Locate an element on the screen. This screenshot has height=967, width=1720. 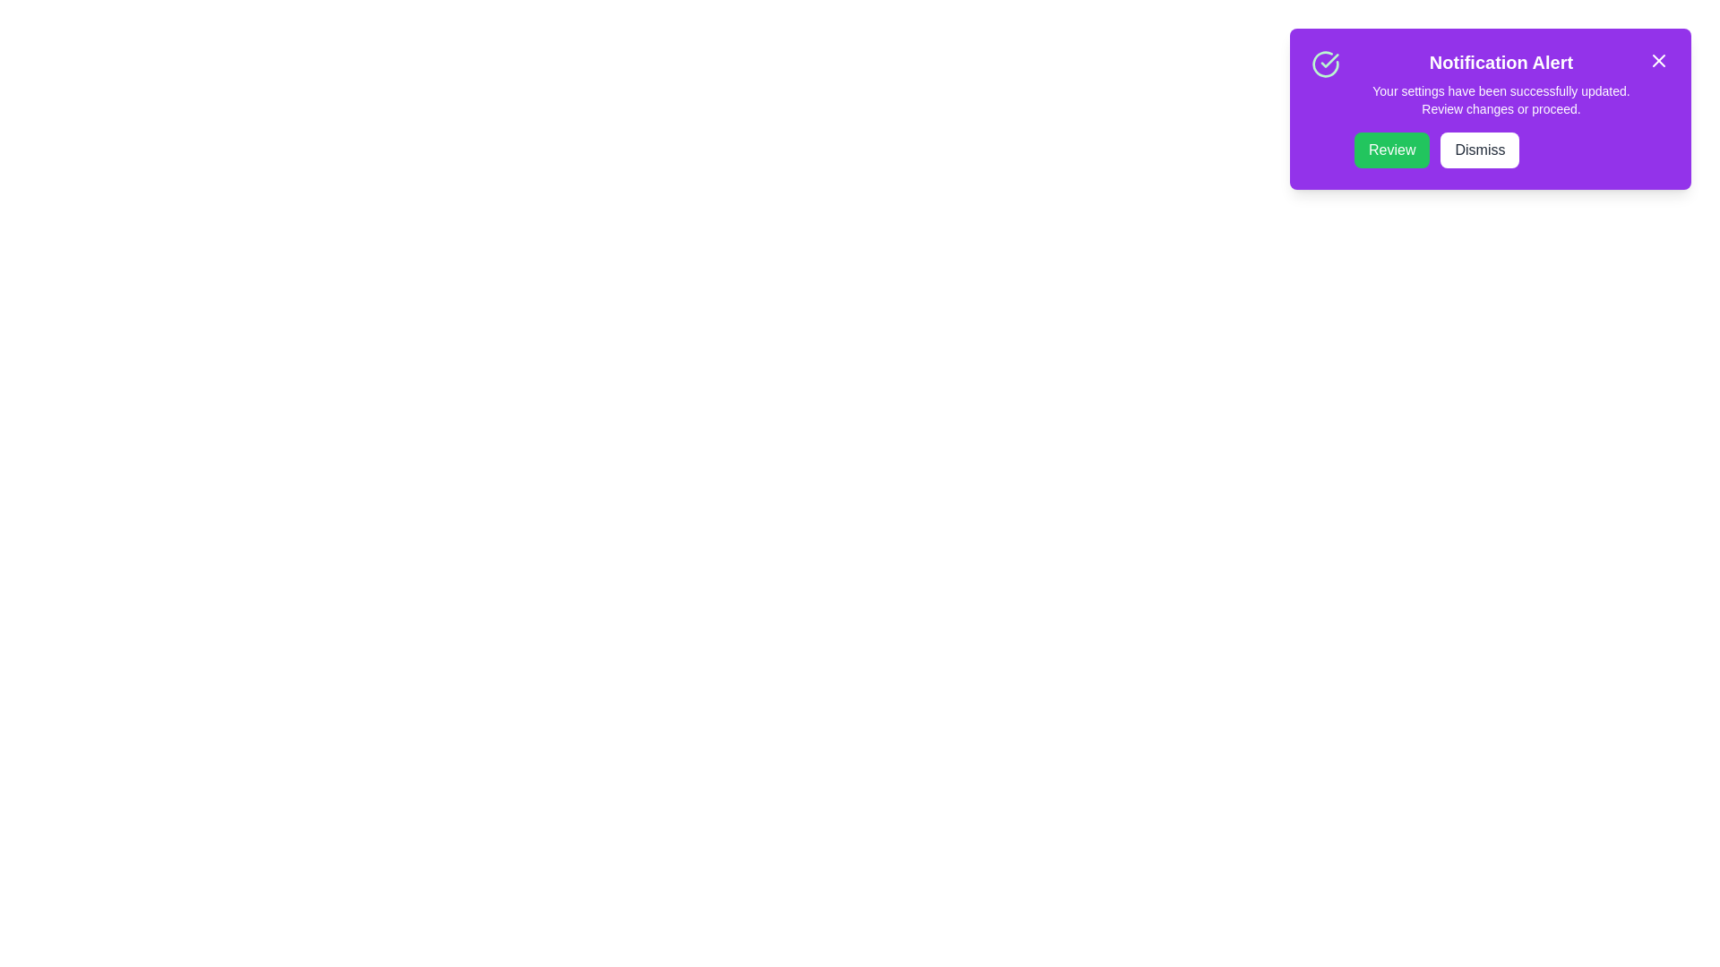
the first button on the left side of the horizontal layout to review updates or changes is located at coordinates (1391, 150).